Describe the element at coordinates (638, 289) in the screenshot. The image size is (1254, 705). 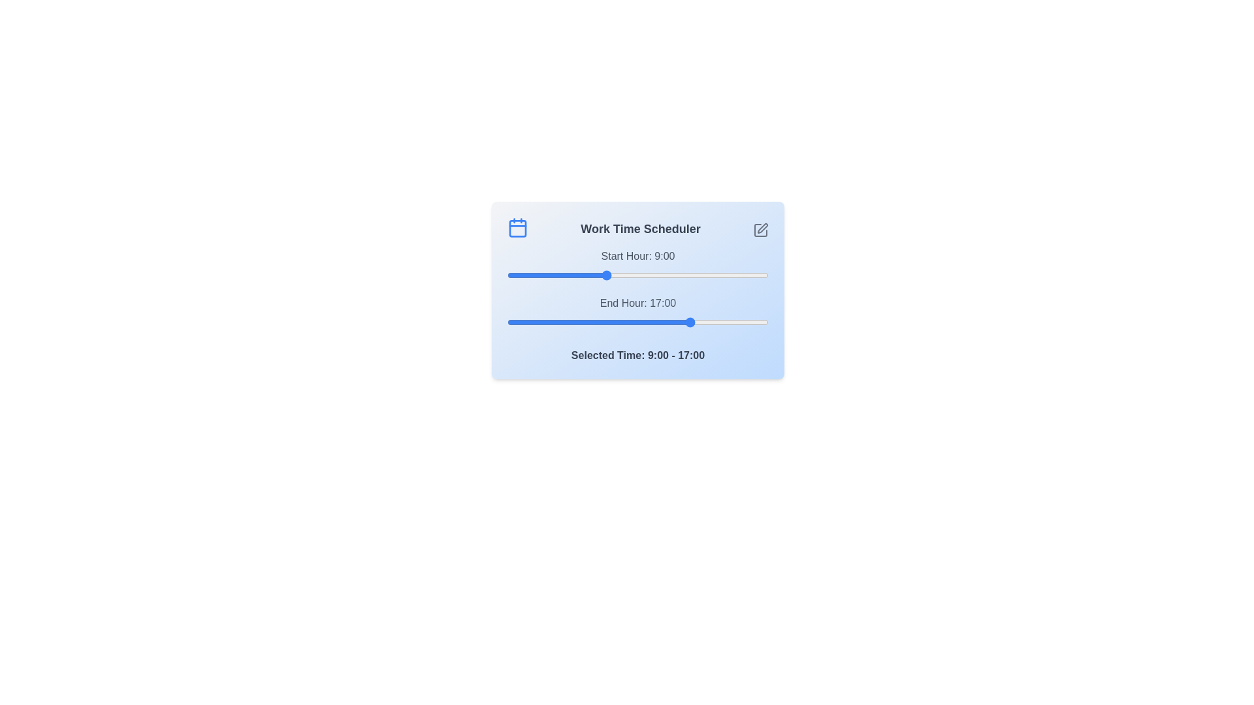
I see `the background of the AdvancedScheduler component` at that location.